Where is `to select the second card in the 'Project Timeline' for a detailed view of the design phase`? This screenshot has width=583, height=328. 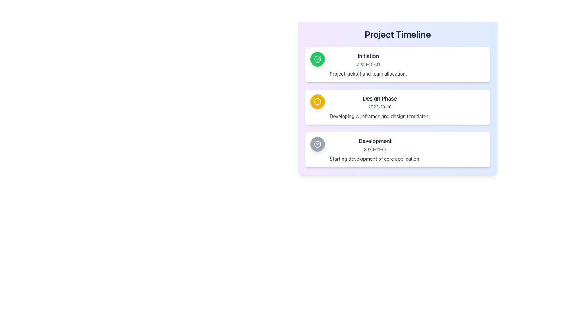 to select the second card in the 'Project Timeline' for a detailed view of the design phase is located at coordinates (398, 107).